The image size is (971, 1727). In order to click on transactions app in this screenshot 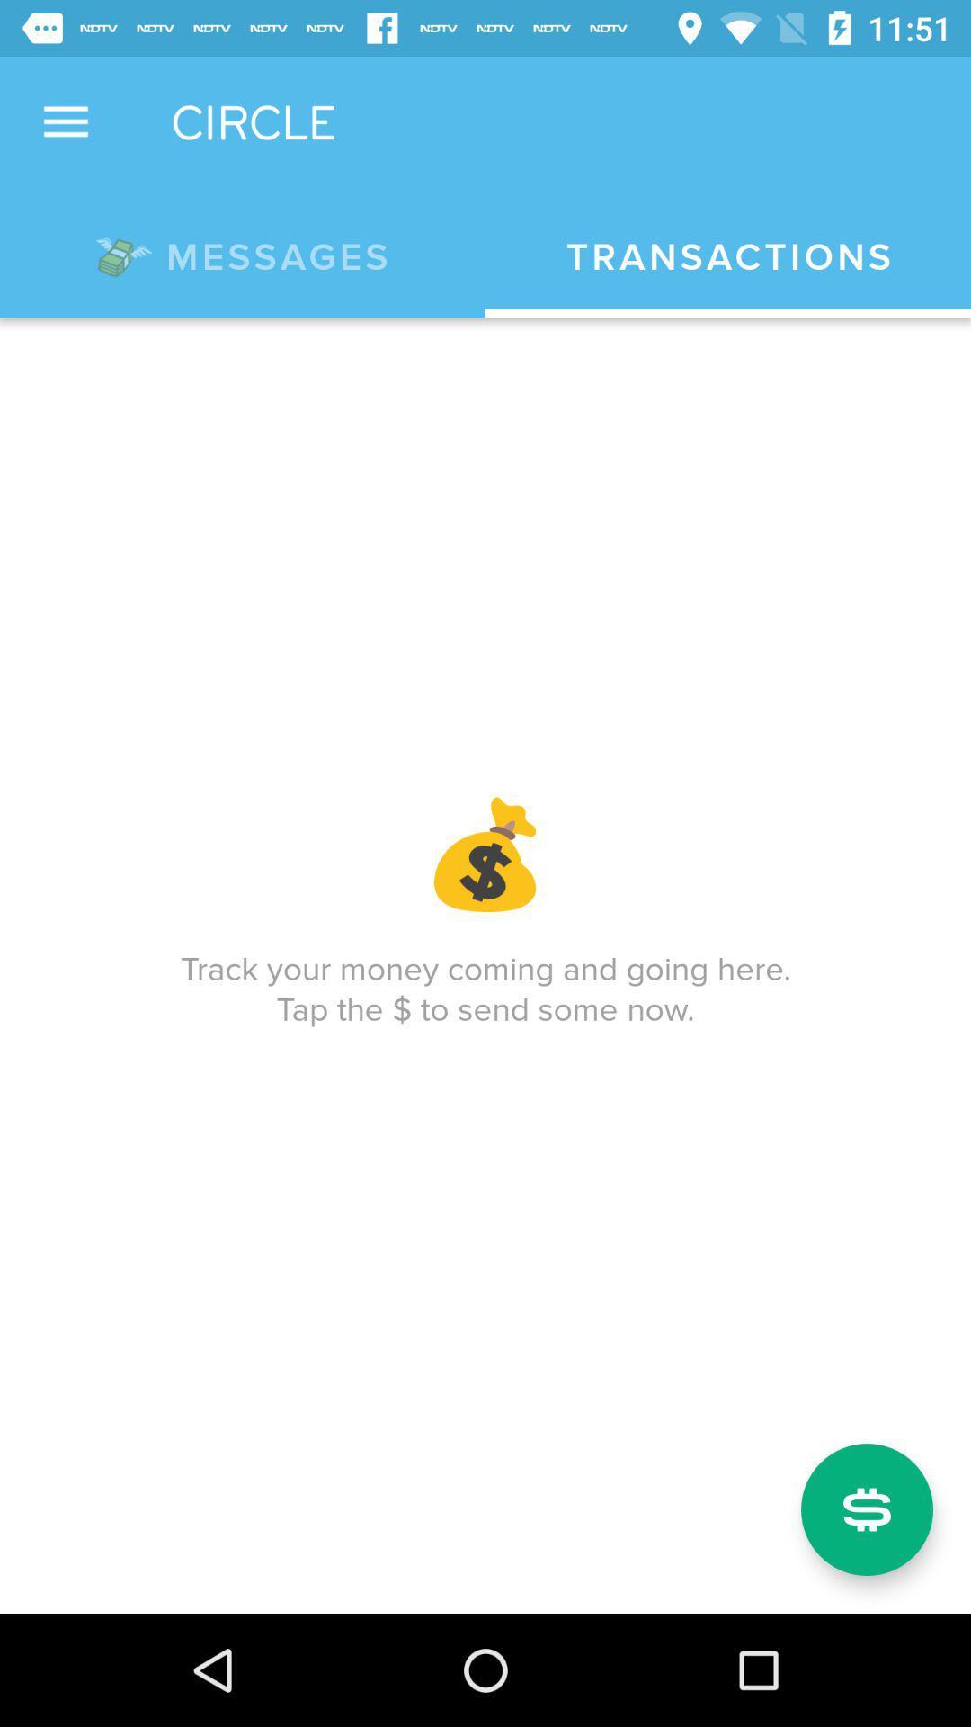, I will do `click(728, 256)`.